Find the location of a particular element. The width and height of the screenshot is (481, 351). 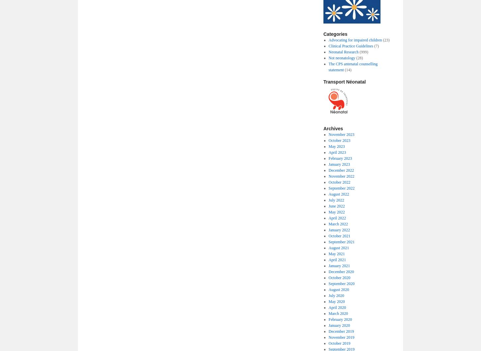

'October 2022' is located at coordinates (328, 182).